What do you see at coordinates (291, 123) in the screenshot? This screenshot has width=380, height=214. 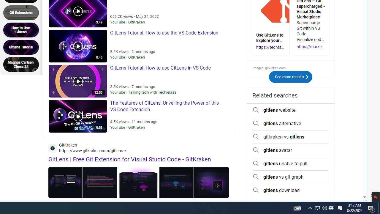 I see `'gitlens alternative'` at bounding box center [291, 123].